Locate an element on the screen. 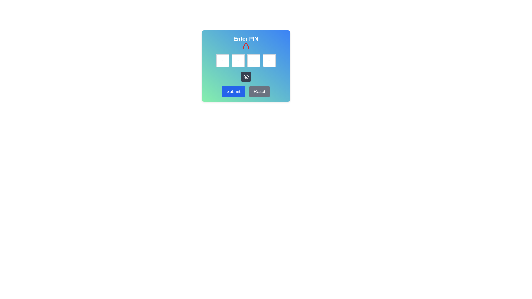 The width and height of the screenshot is (532, 299). the visibility toggle button, which is a rounded rectangular shape with a dark gray background and an eye icon with a slash over it, located below the PIN input fields is located at coordinates (245, 76).